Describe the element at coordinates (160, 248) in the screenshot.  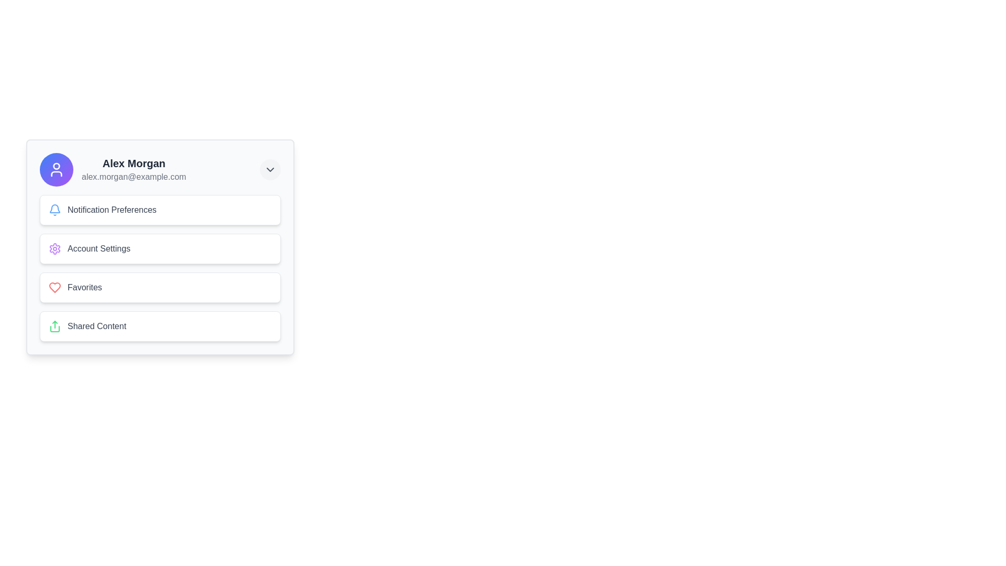
I see `the button that serves as a navigation option to access the account settings page, located below 'Notification Preferences' and above 'Favorites'` at that location.